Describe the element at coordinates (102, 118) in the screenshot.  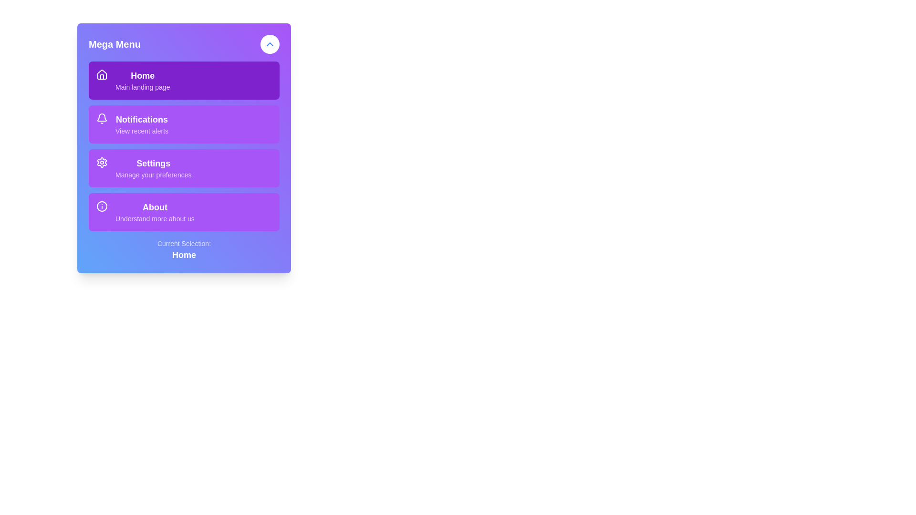
I see `the notification bell icon, which is a small icon with a white outline on a purple background, located to the left of the text 'Notifications' and 'View recent alerts'` at that location.